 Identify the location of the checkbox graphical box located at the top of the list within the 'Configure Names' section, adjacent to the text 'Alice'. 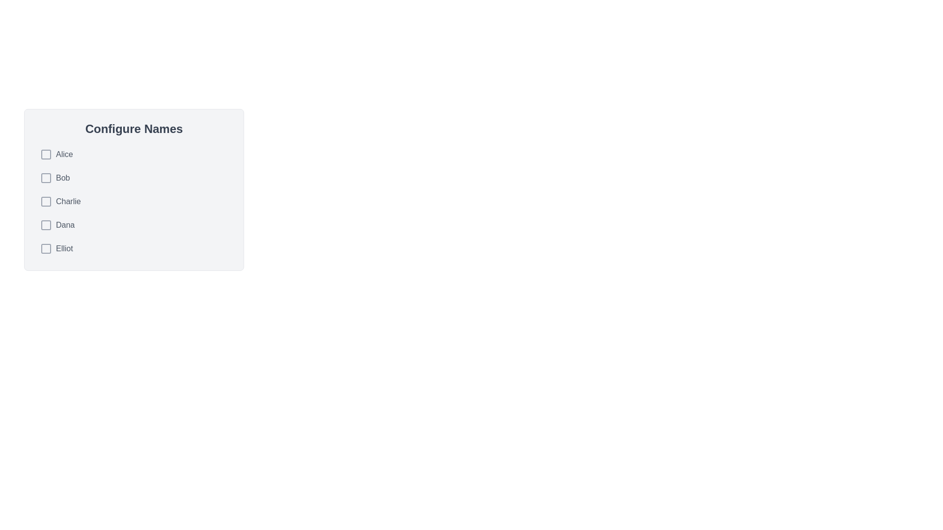
(46, 155).